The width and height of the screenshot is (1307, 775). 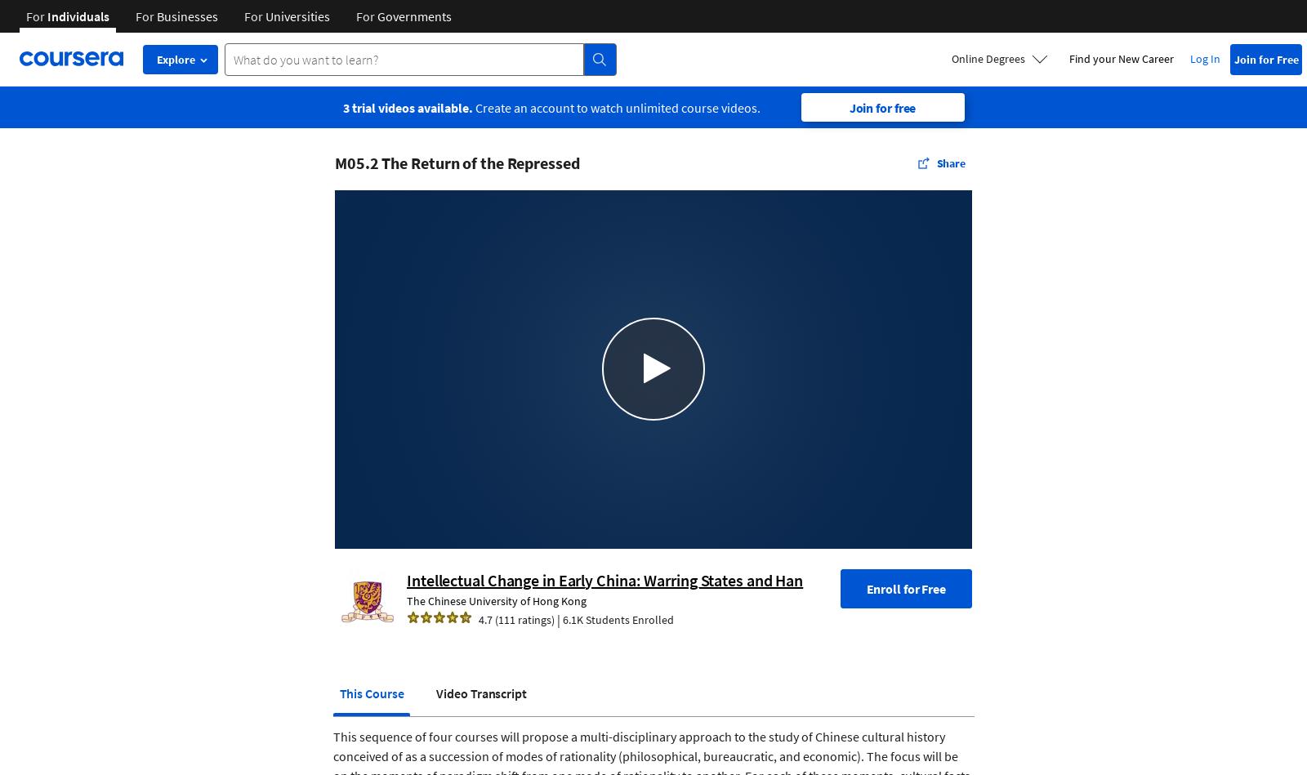 What do you see at coordinates (478, 618) in the screenshot?
I see `'4.7 (111 ratings)'` at bounding box center [478, 618].